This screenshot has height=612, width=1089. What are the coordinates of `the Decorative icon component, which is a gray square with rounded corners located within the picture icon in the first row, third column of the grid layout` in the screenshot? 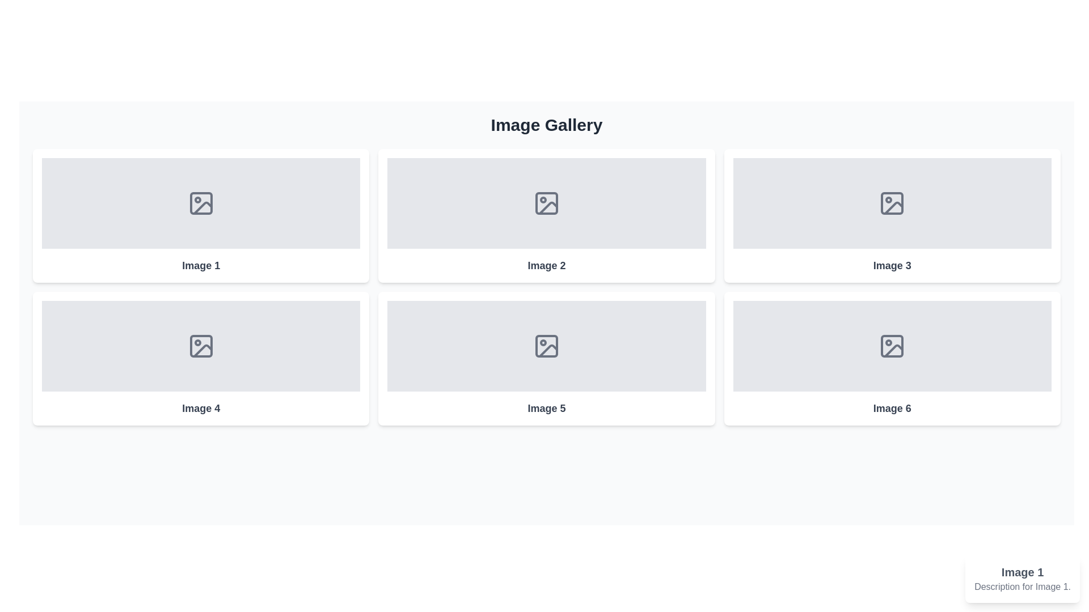 It's located at (892, 202).